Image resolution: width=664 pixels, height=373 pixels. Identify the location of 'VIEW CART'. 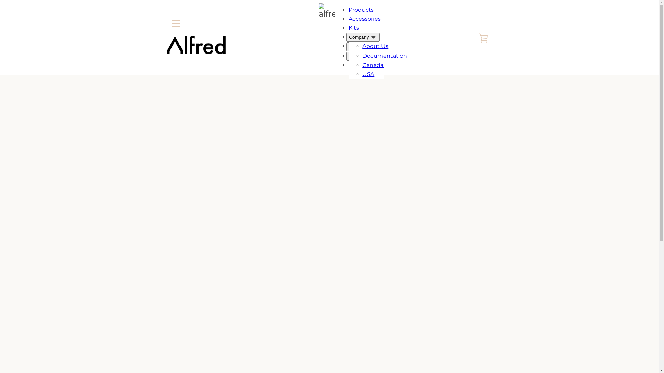
(482, 37).